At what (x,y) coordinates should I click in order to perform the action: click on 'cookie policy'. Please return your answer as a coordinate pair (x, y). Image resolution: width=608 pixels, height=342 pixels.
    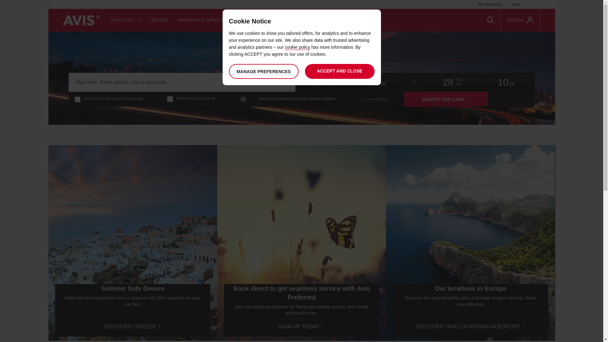
    Looking at the image, I should click on (297, 47).